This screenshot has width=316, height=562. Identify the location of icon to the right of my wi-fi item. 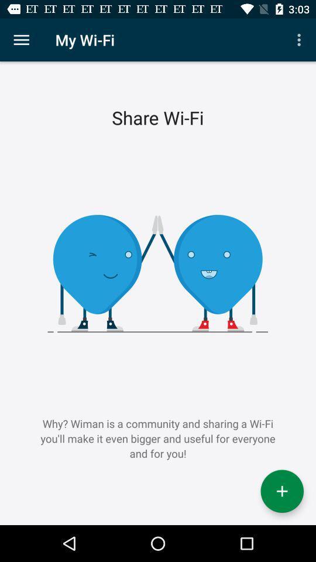
(300, 40).